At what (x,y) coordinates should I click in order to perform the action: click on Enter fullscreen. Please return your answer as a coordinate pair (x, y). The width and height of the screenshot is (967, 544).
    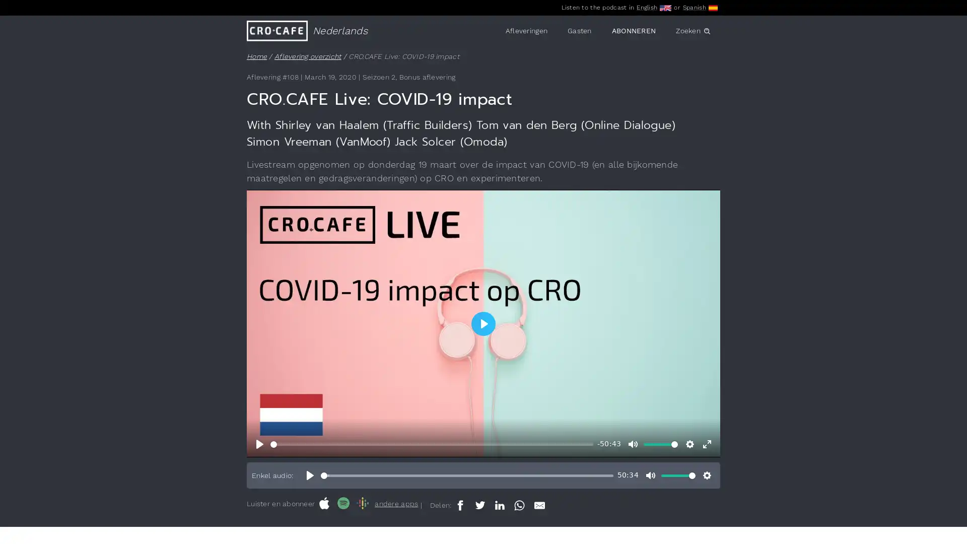
    Looking at the image, I should click on (706, 444).